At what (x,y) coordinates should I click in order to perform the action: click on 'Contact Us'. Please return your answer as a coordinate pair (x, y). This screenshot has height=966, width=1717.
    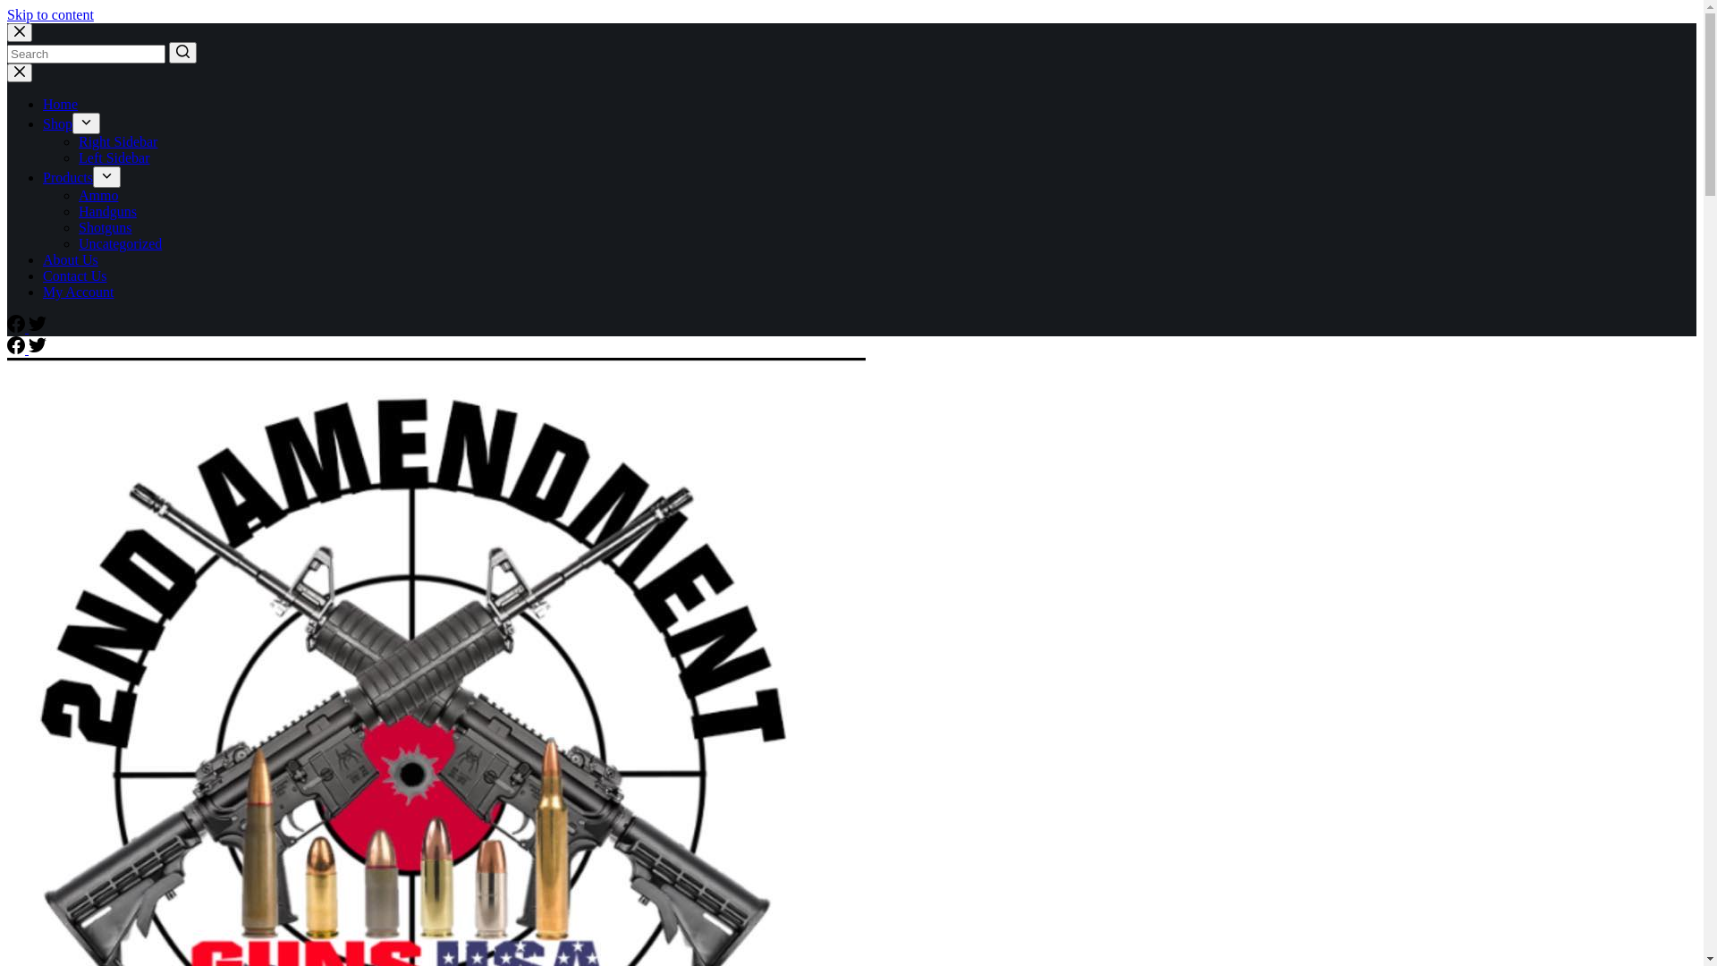
    Looking at the image, I should click on (73, 275).